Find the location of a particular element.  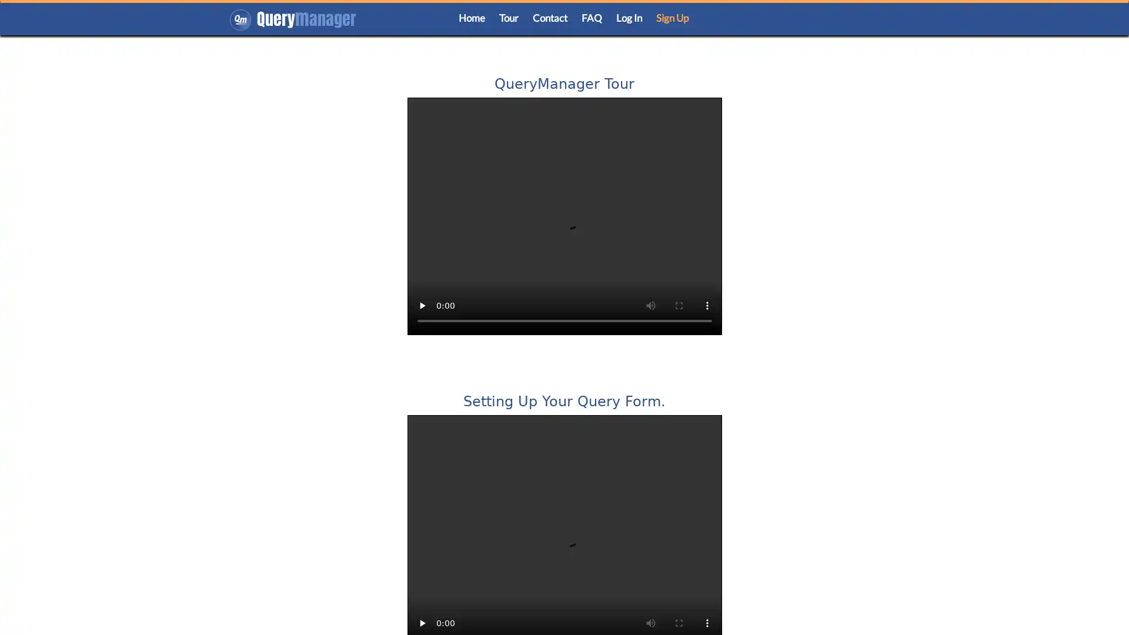

play is located at coordinates (421, 305).